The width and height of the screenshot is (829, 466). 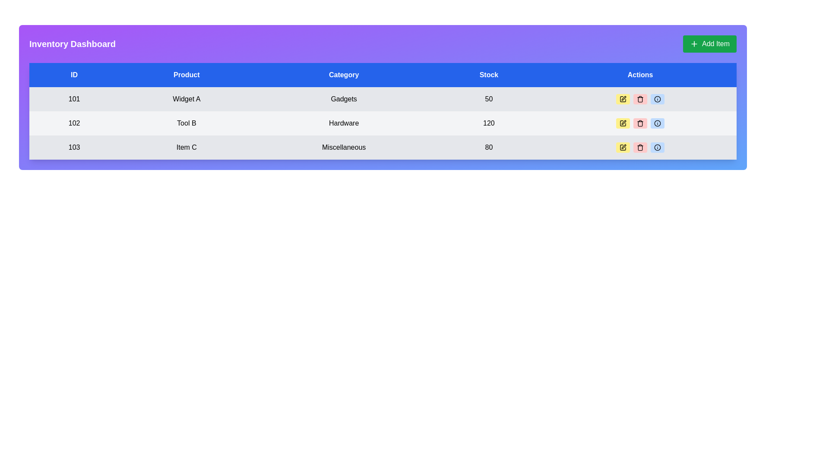 What do you see at coordinates (343, 147) in the screenshot?
I see `the Text display field that shows the category name for 'Item C' in the third row and third column of the data table` at bounding box center [343, 147].